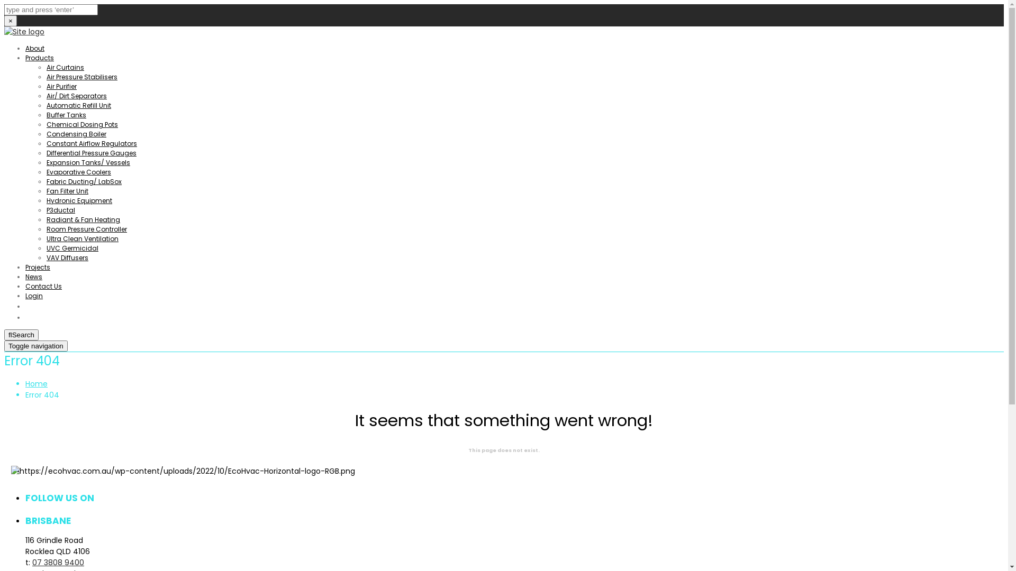  I want to click on 'Fabric Ducting/ LabSox', so click(83, 181).